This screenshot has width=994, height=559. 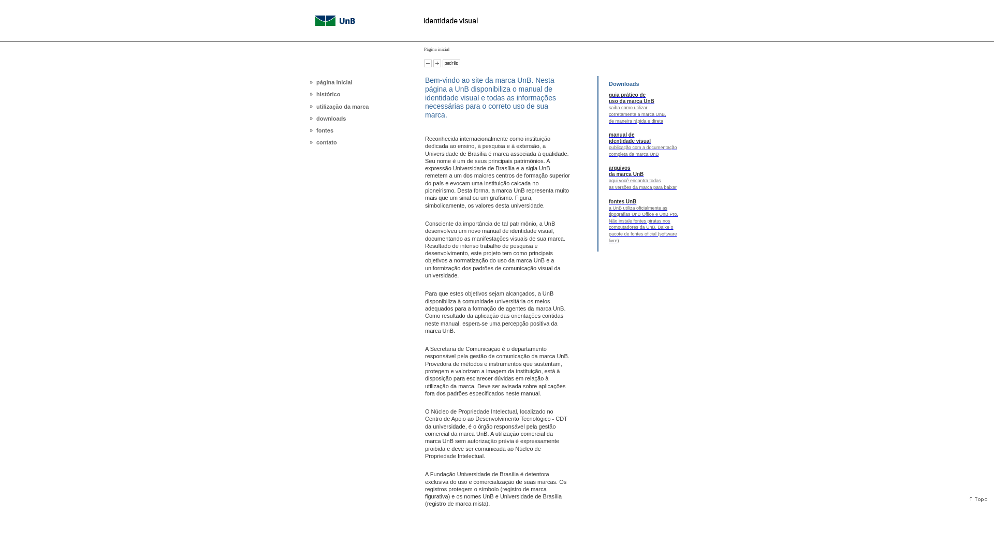 I want to click on 'Aumentar o tamanho da letra', so click(x=437, y=63).